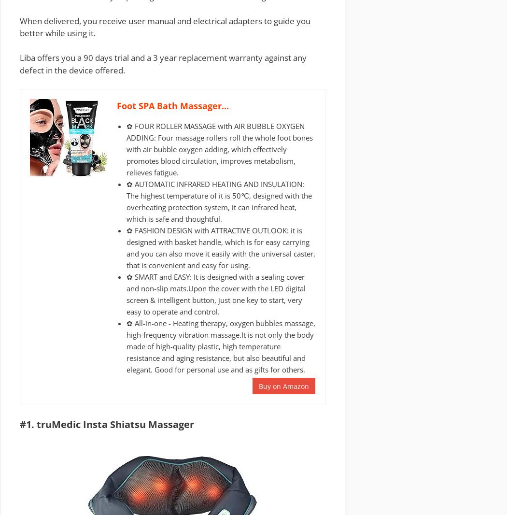  Describe the element at coordinates (221, 247) in the screenshot. I see `'✿ FASHION DESIGN with ATTRACTIVE OUTLOOK: it is designed with basket handle, which is for easy carrying and you can also move it easily with the universal caster, that is convenient and easy for using.'` at that location.